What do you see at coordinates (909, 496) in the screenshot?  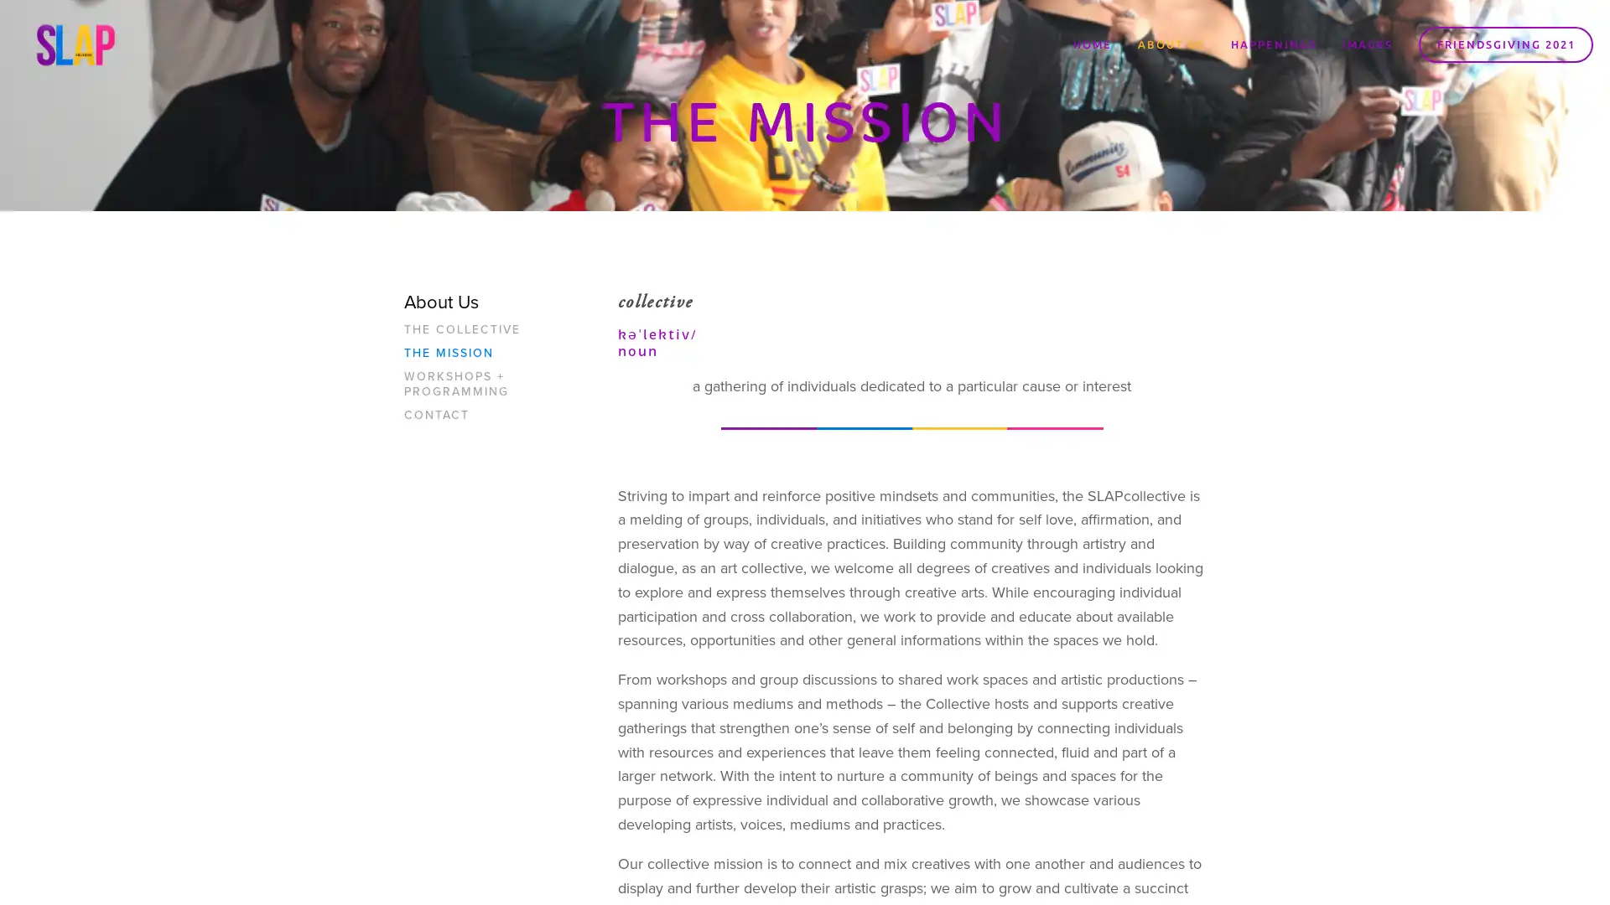 I see `get mo' SLAP!` at bounding box center [909, 496].